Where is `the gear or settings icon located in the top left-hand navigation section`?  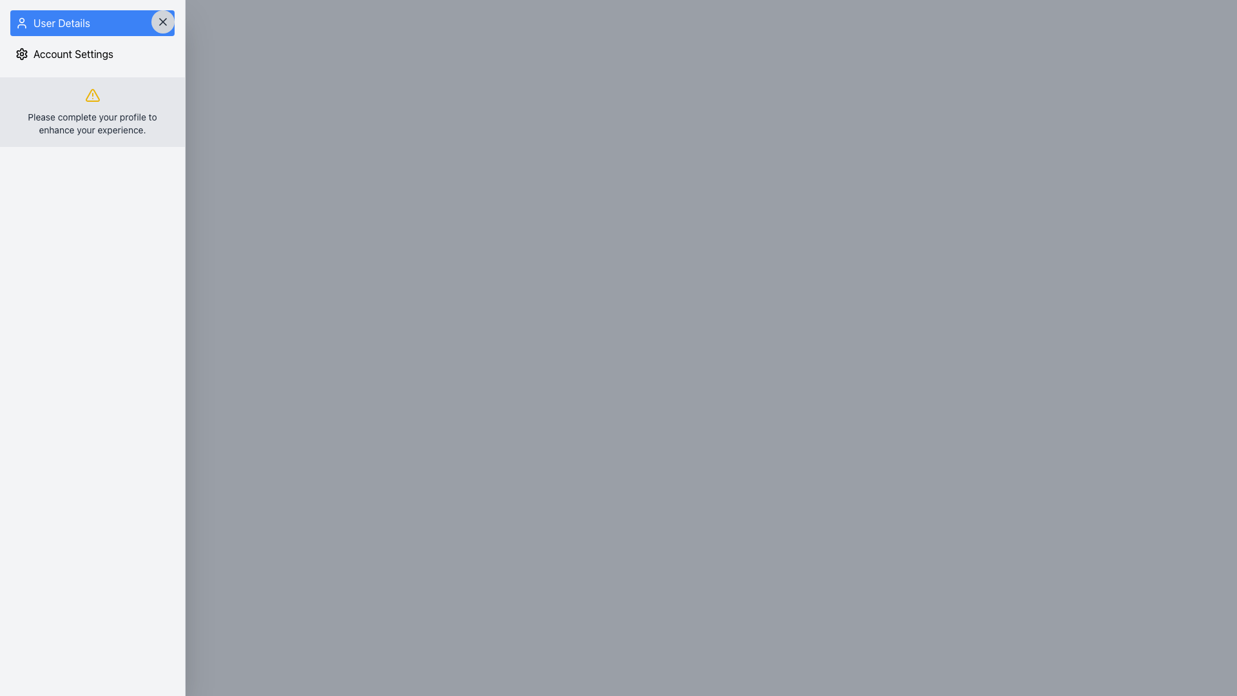 the gear or settings icon located in the top left-hand navigation section is located at coordinates (21, 53).